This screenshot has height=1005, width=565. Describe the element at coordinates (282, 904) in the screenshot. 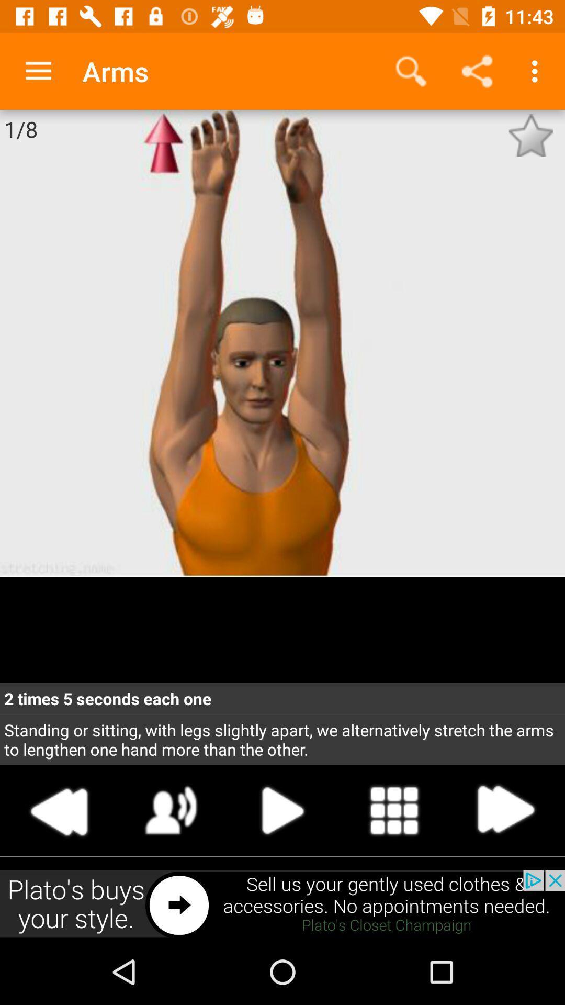

I see `advertisement` at that location.